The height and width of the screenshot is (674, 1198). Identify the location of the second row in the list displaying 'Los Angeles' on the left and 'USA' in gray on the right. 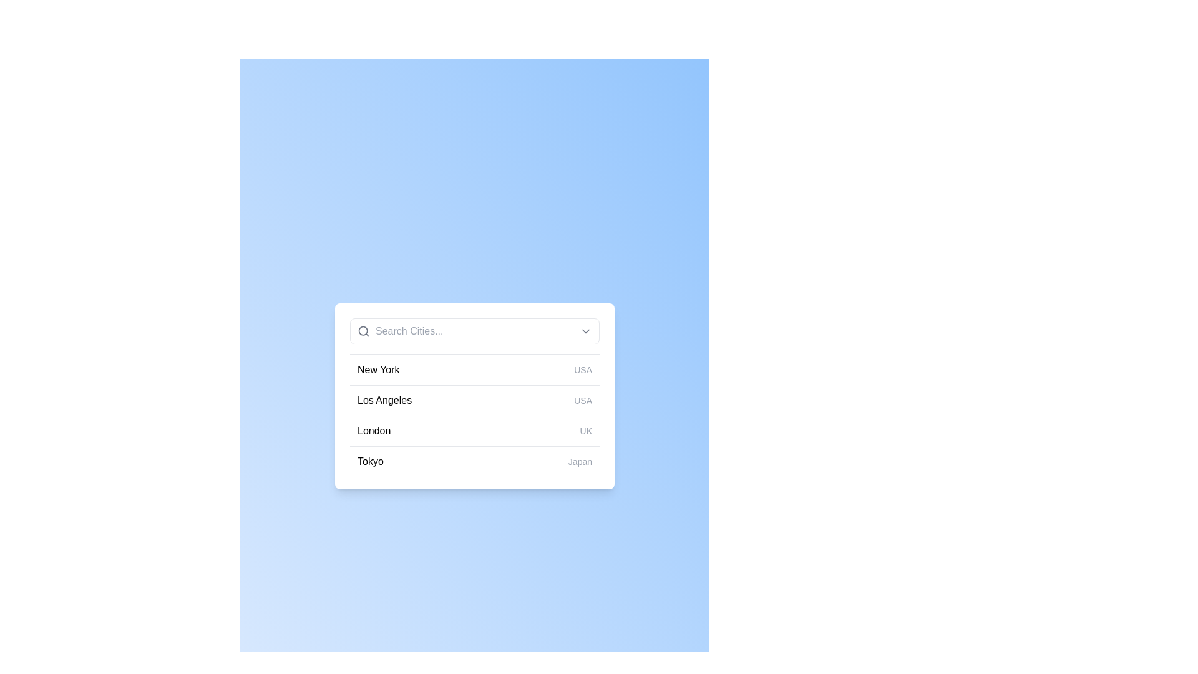
(474, 399).